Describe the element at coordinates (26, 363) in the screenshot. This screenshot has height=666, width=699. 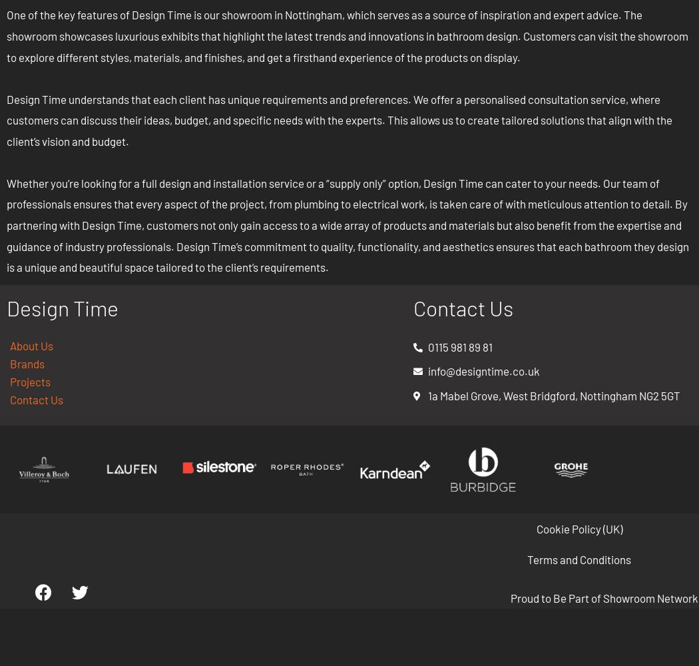
I see `'Brands'` at that location.